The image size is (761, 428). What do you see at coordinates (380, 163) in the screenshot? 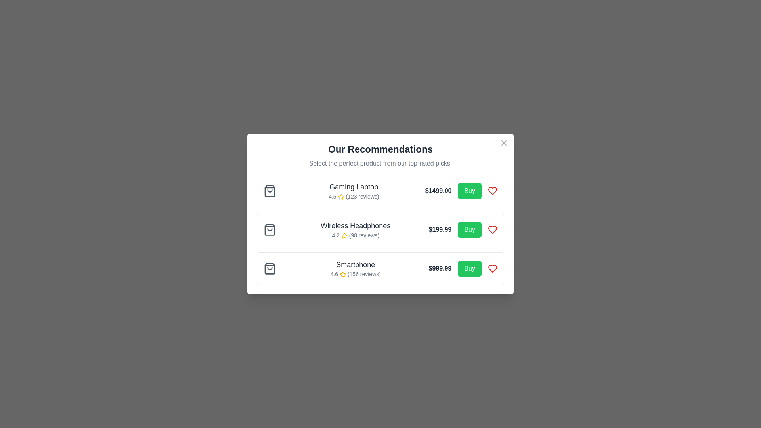
I see `the supporting text that reads 'Select the perfect product from our top-rated picks.', which is located directly beneath the heading 'Our Recommendations'` at bounding box center [380, 163].